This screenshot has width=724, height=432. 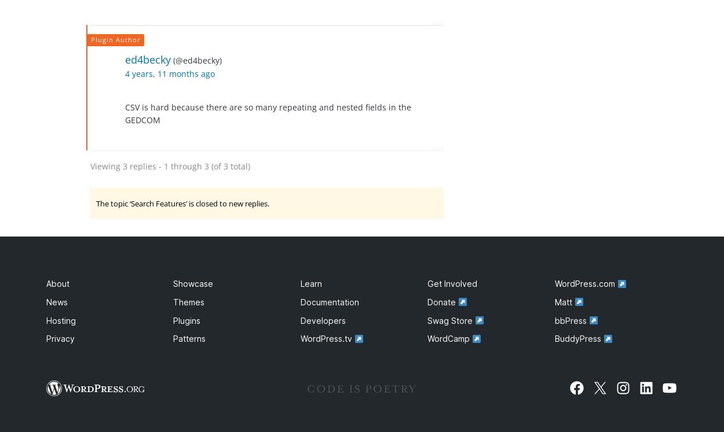 I want to click on 'WordPress.com', so click(x=553, y=283).